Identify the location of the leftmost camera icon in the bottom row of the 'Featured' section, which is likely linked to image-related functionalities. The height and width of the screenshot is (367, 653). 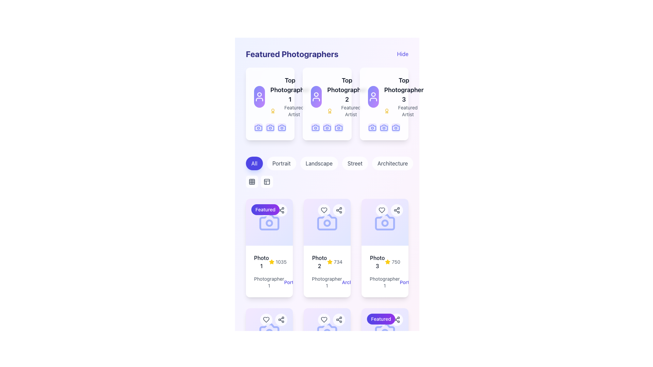
(269, 222).